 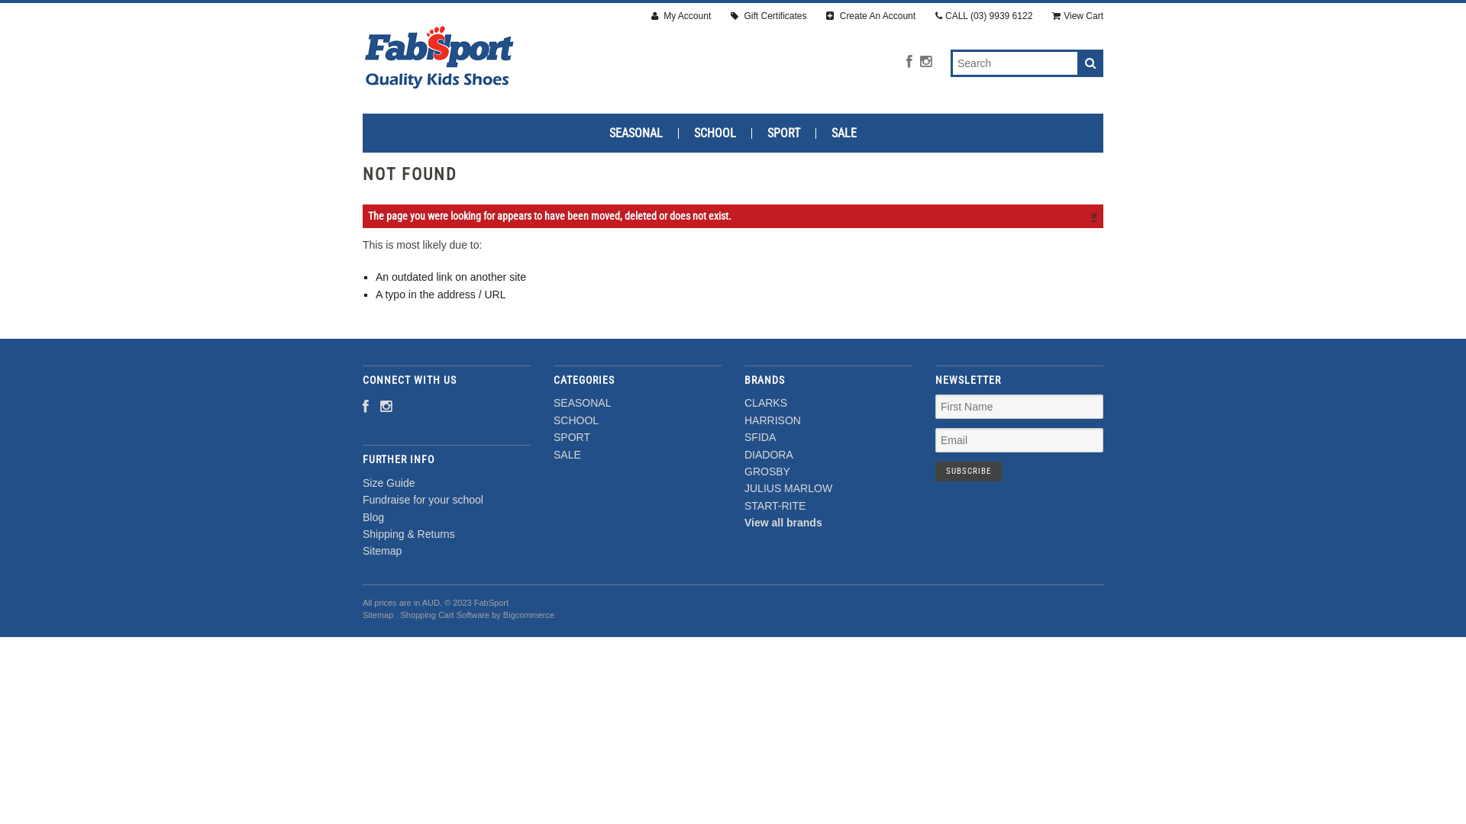 What do you see at coordinates (422, 500) in the screenshot?
I see `'Fundraise for your school'` at bounding box center [422, 500].